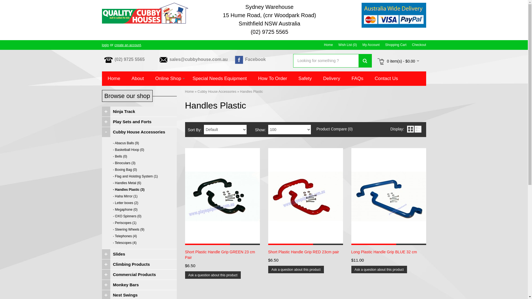 The width and height of the screenshot is (532, 299). I want to click on 'Wish List (0)', so click(347, 45).